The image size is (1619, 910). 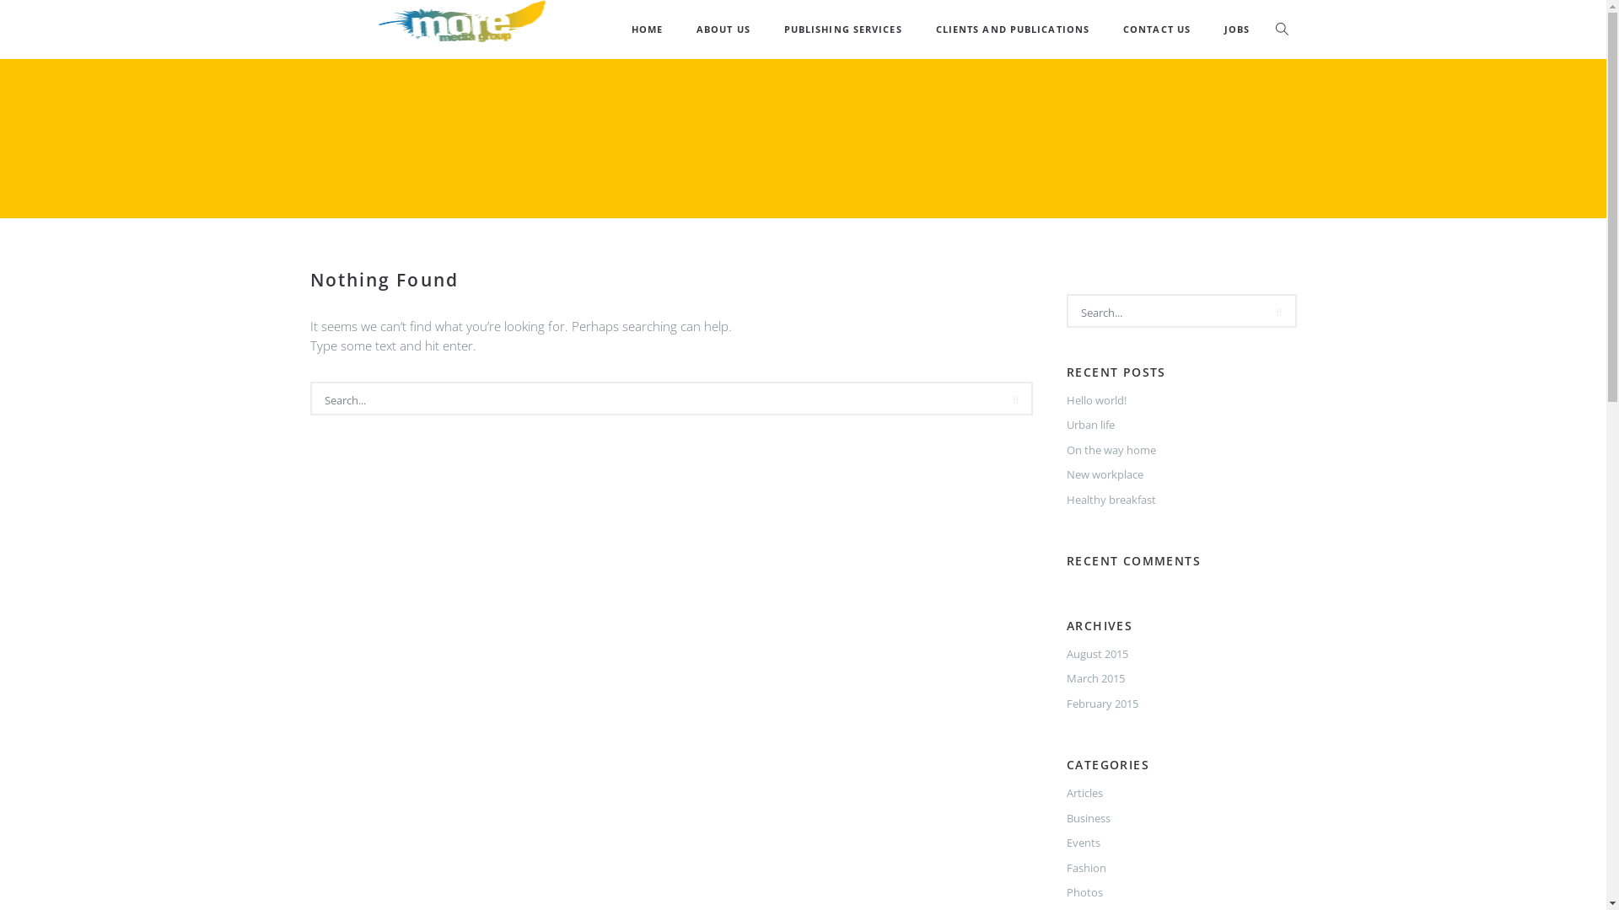 What do you see at coordinates (1084, 842) in the screenshot?
I see `'Events'` at bounding box center [1084, 842].